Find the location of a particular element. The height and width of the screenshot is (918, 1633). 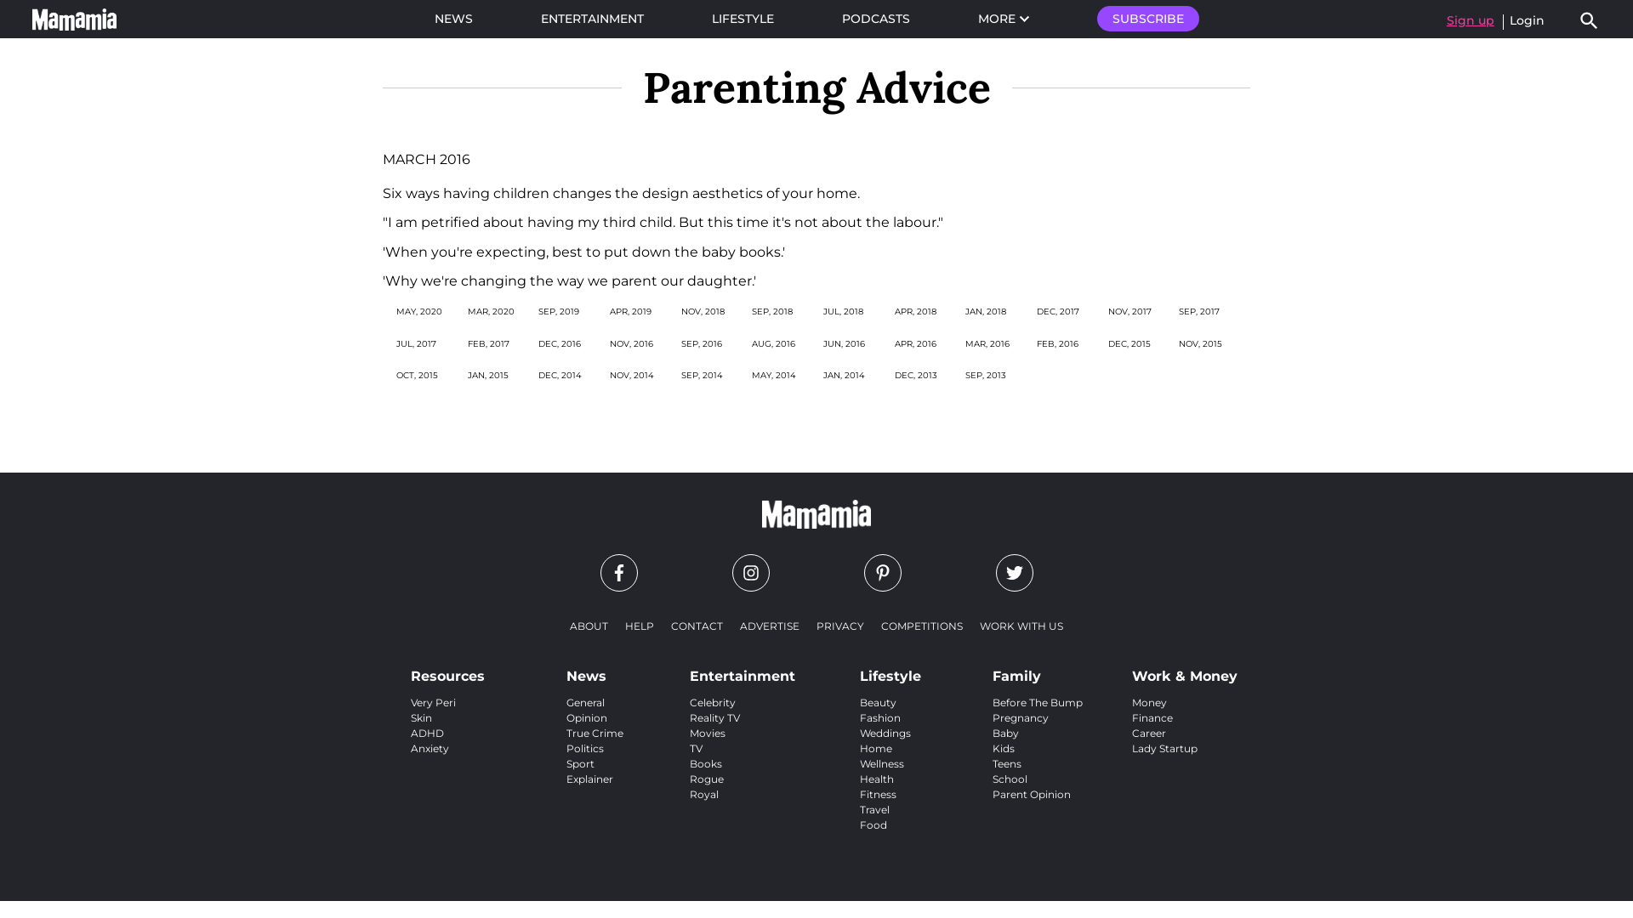

'School' is located at coordinates (992, 779).